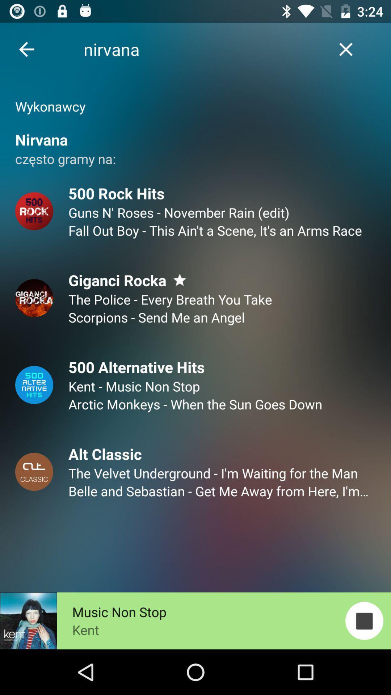 The height and width of the screenshot is (695, 391). I want to click on the item below belle and sebastian icon, so click(364, 620).